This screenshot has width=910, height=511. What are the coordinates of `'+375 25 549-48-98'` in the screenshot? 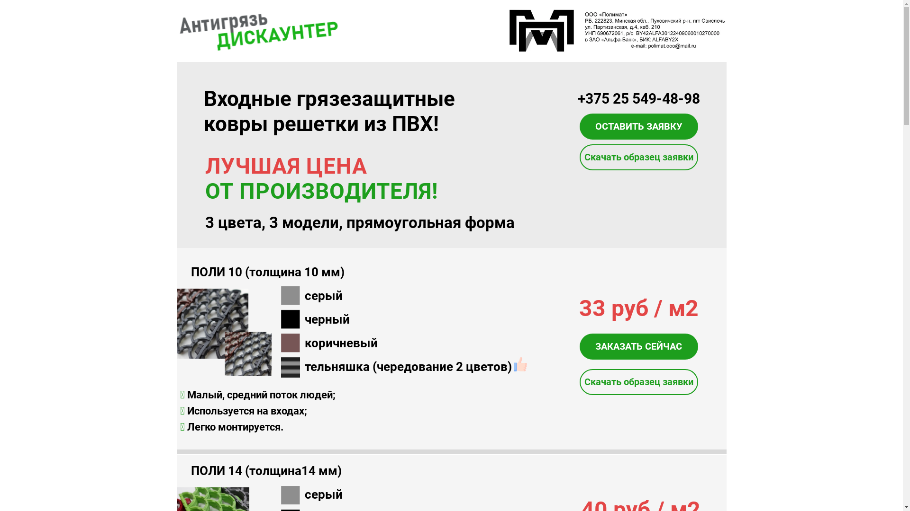 It's located at (638, 98).